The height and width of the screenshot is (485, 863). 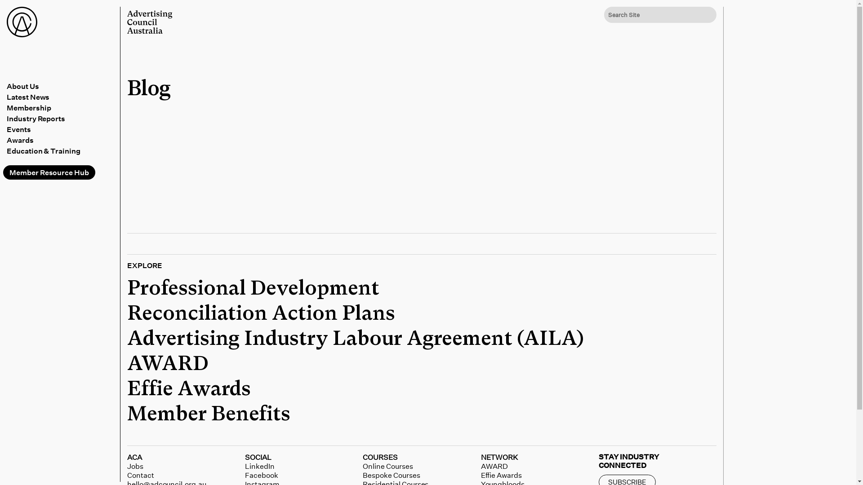 I want to click on 'Awards', so click(x=6, y=140).